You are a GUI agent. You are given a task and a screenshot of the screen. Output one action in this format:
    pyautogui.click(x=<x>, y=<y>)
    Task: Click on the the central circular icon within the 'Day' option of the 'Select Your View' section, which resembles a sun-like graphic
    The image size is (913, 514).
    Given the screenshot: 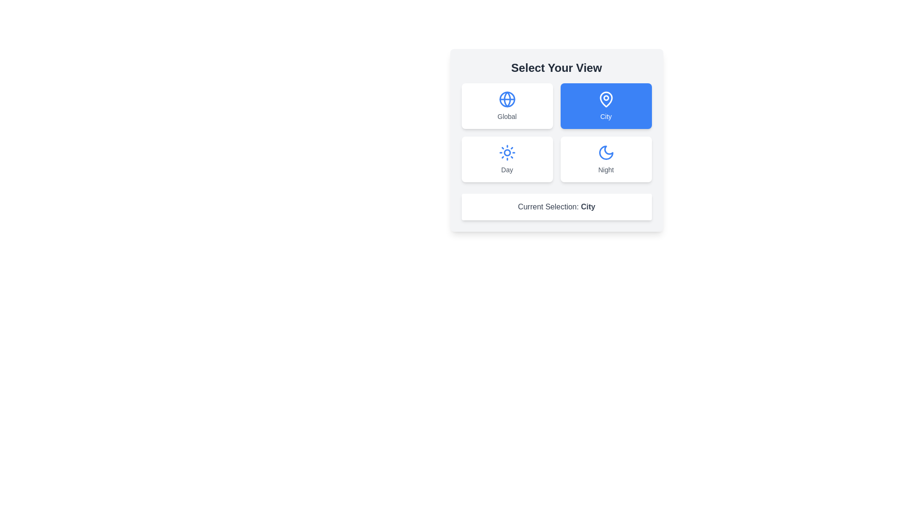 What is the action you would take?
    pyautogui.click(x=506, y=152)
    